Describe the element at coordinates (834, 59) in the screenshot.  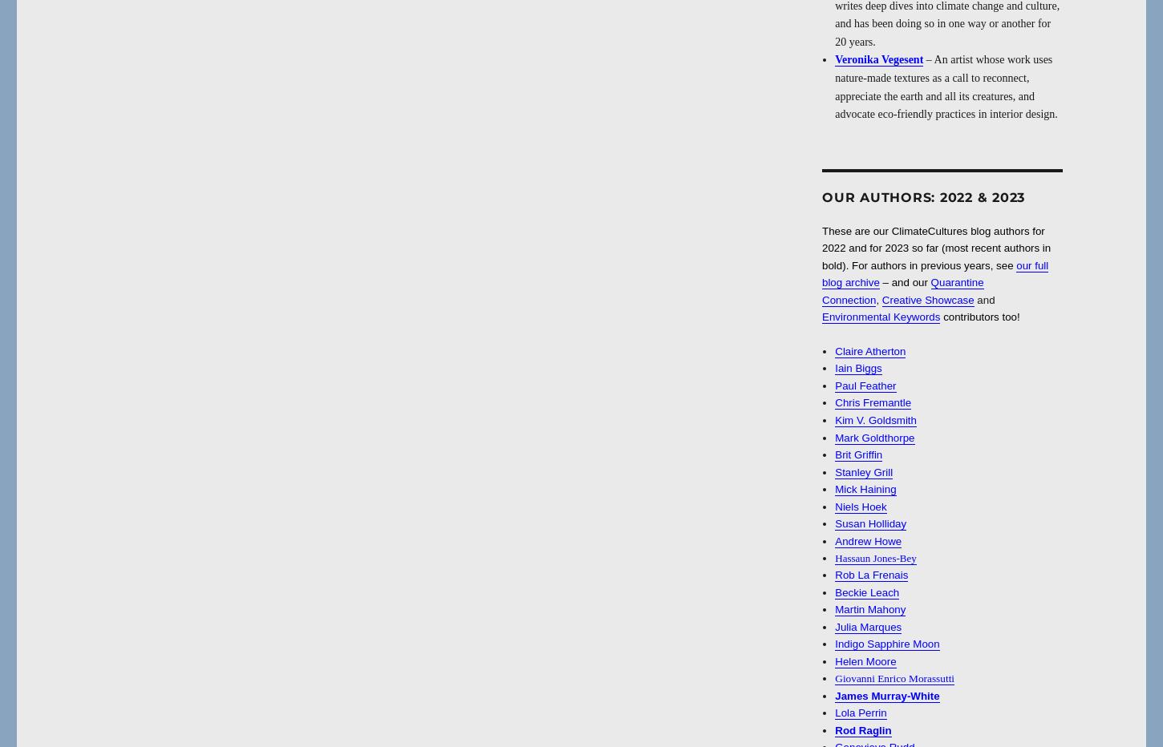
I see `'Veronika Vegesent'` at that location.